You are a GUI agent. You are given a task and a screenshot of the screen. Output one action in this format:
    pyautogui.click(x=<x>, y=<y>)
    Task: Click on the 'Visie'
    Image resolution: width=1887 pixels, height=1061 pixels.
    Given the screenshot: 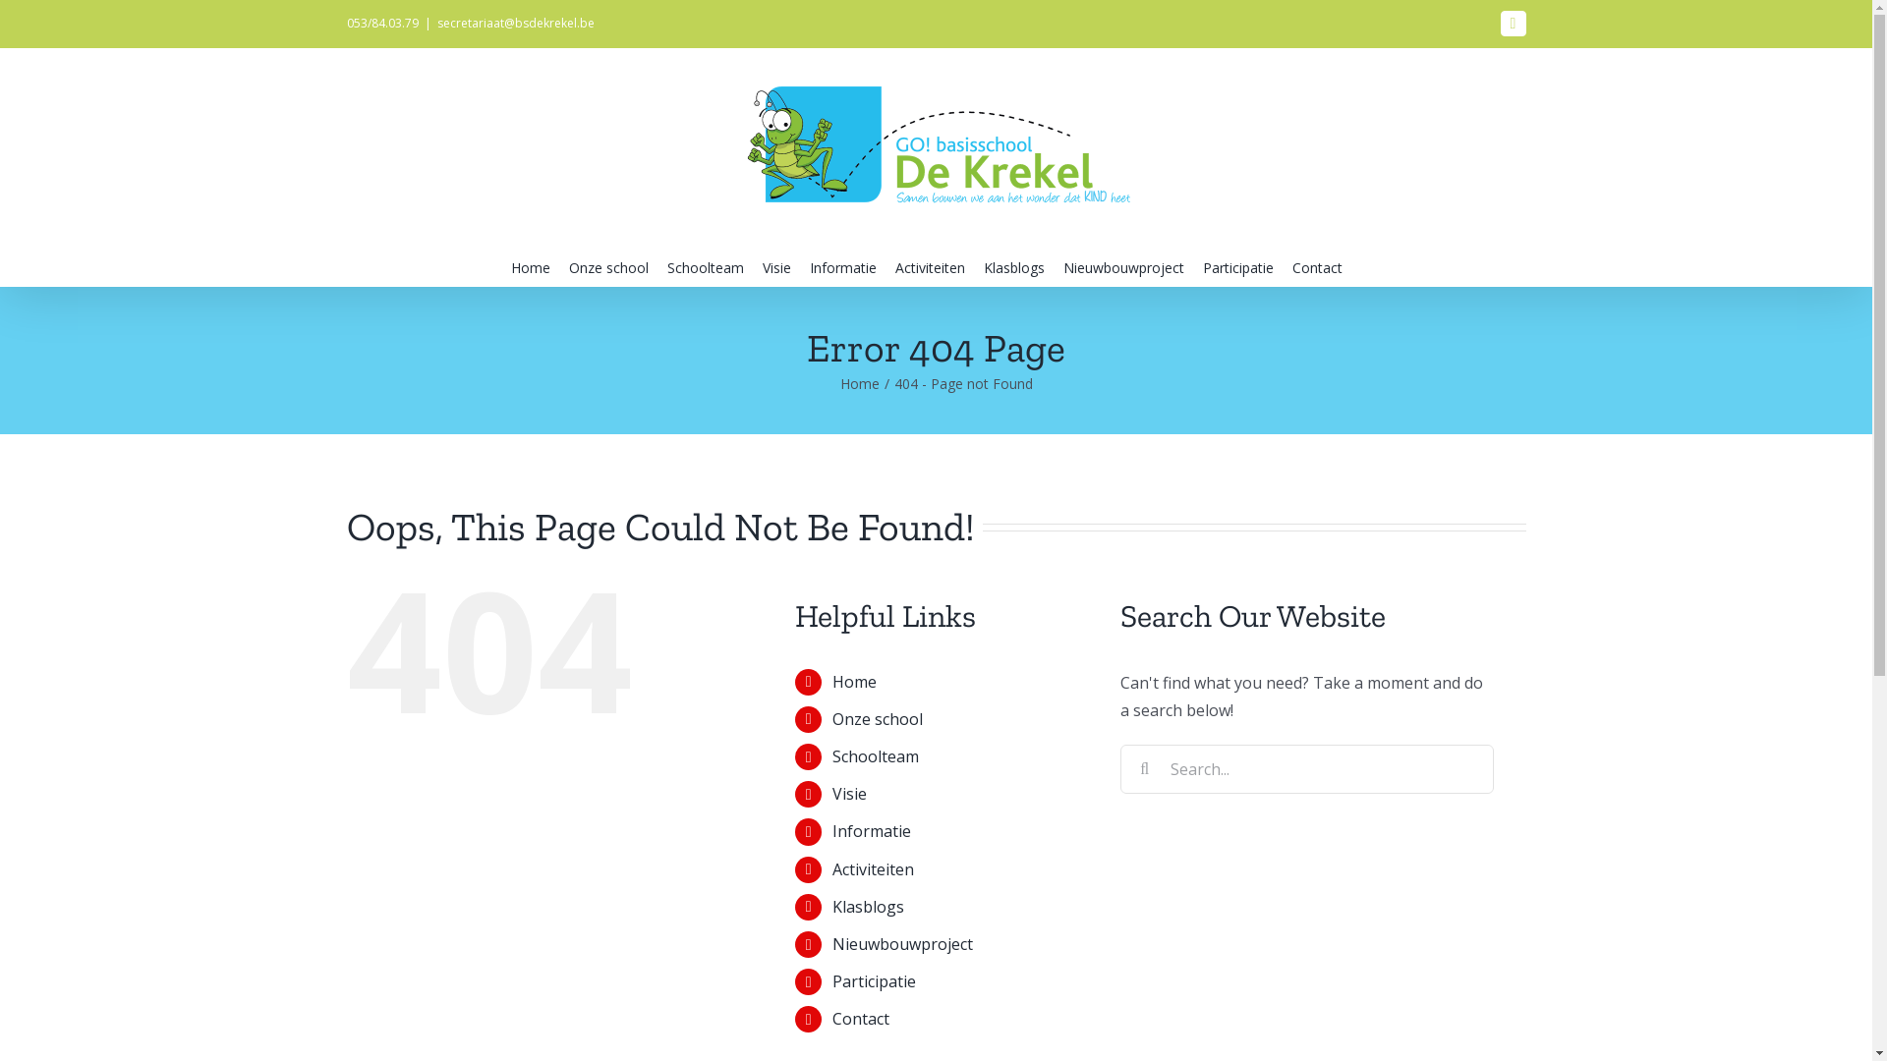 What is the action you would take?
    pyautogui.click(x=775, y=265)
    